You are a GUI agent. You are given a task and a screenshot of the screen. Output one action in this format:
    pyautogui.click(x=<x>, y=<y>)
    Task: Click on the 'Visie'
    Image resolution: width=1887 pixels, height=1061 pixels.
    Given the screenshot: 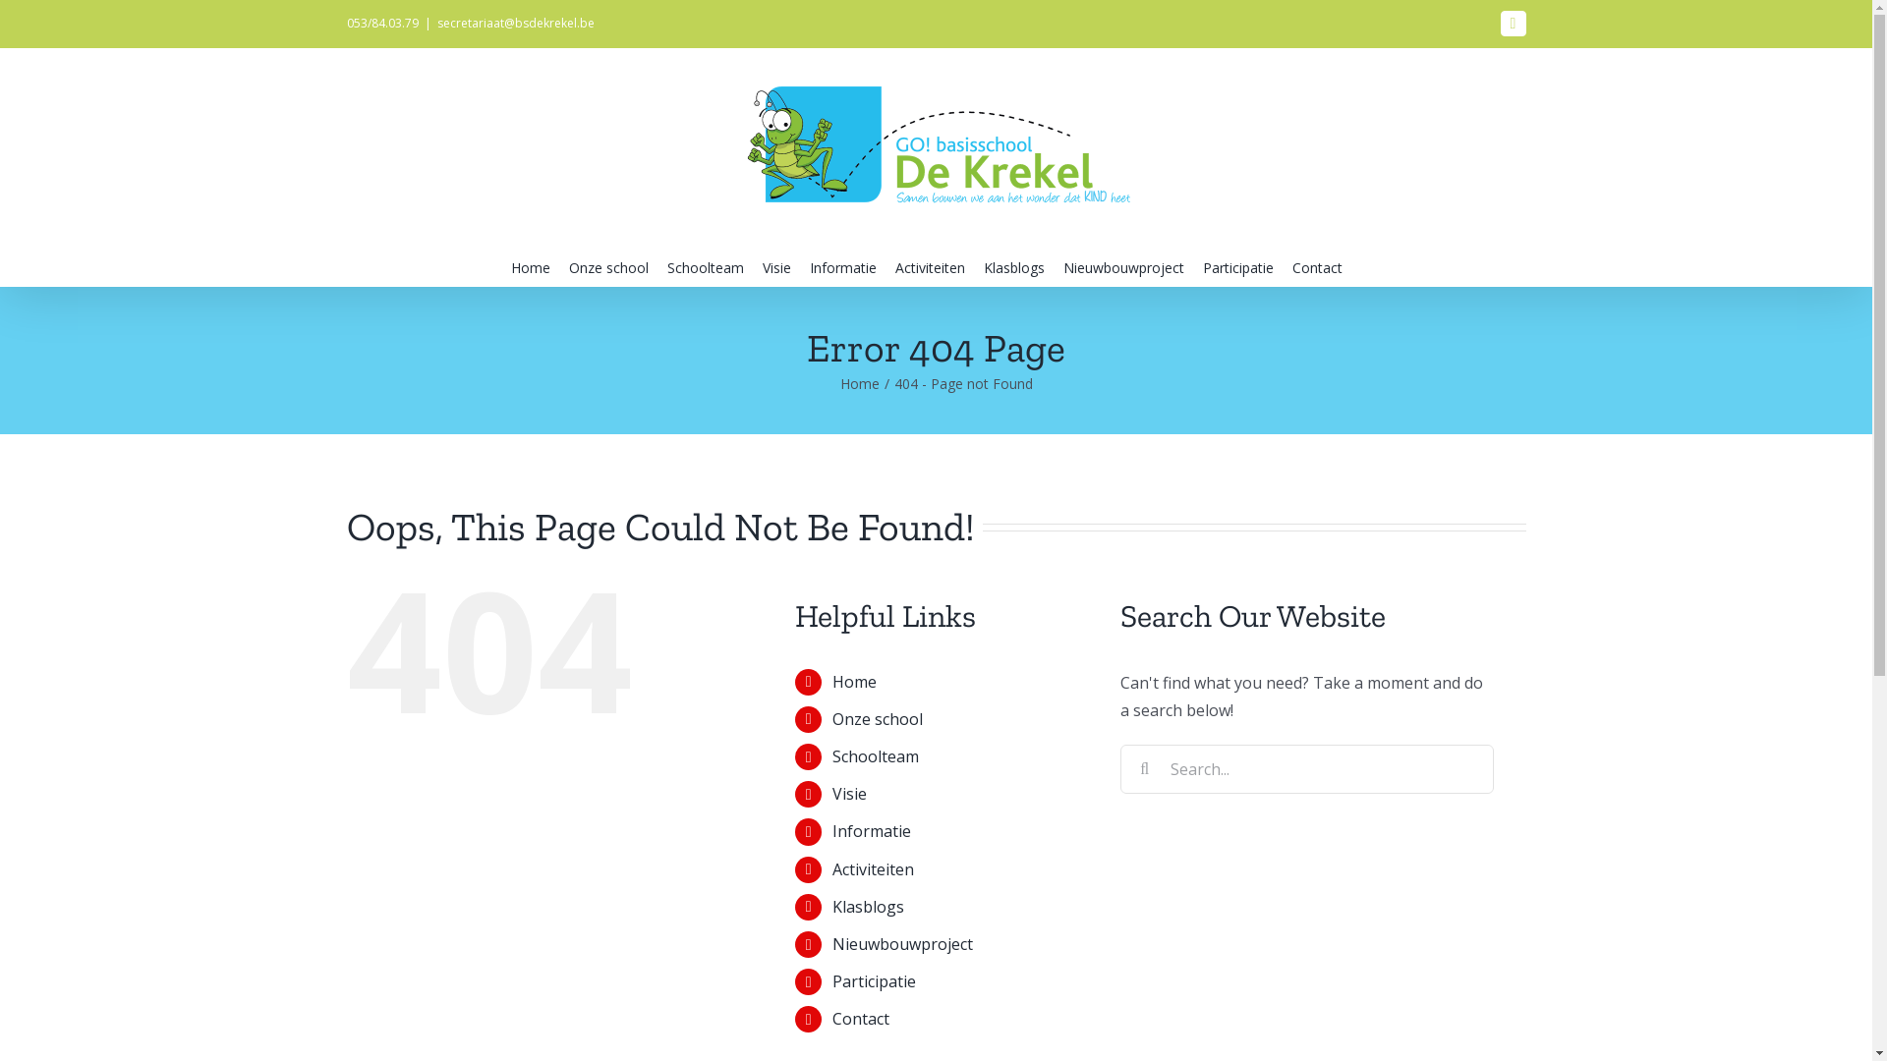 What is the action you would take?
    pyautogui.click(x=775, y=265)
    